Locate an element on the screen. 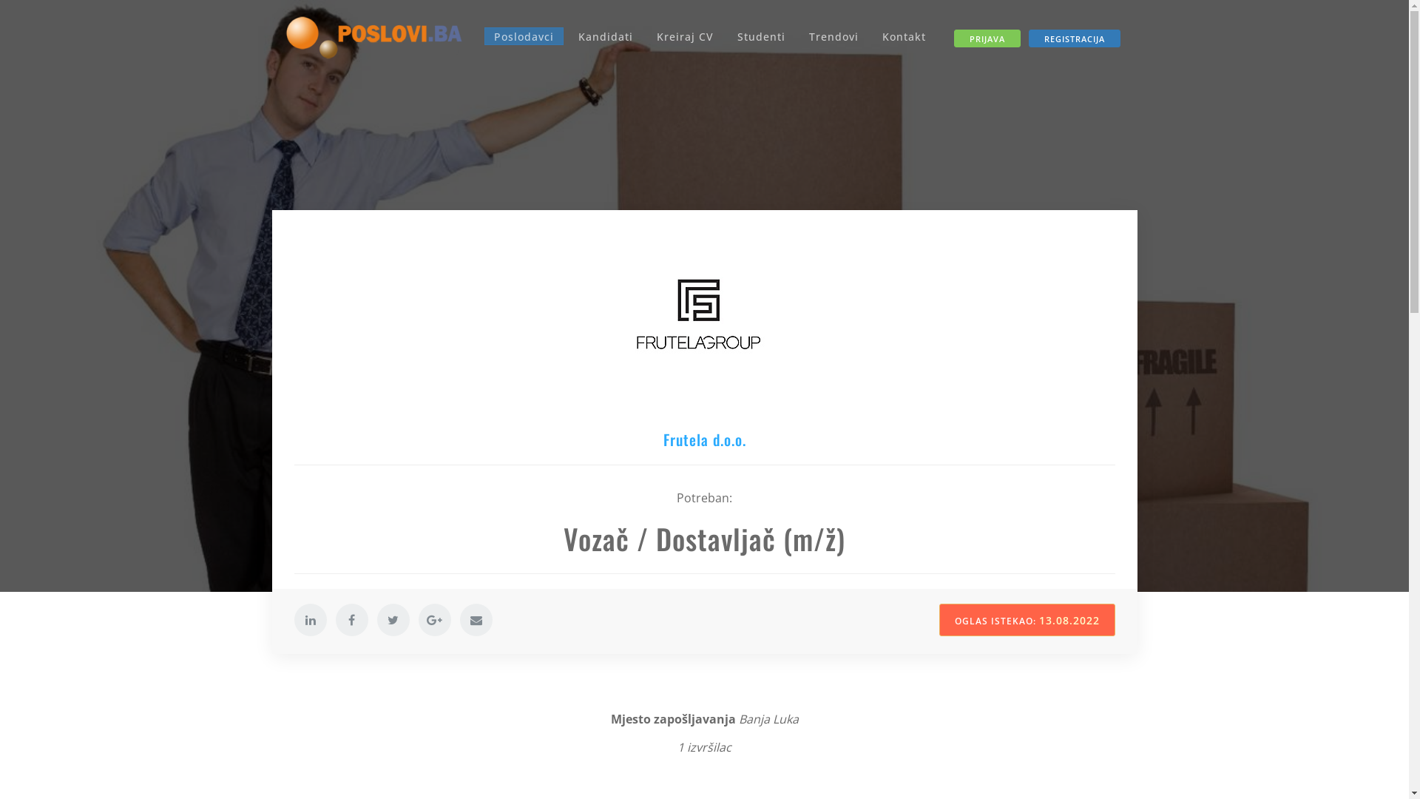  'PRIJAVA' is located at coordinates (987, 37).